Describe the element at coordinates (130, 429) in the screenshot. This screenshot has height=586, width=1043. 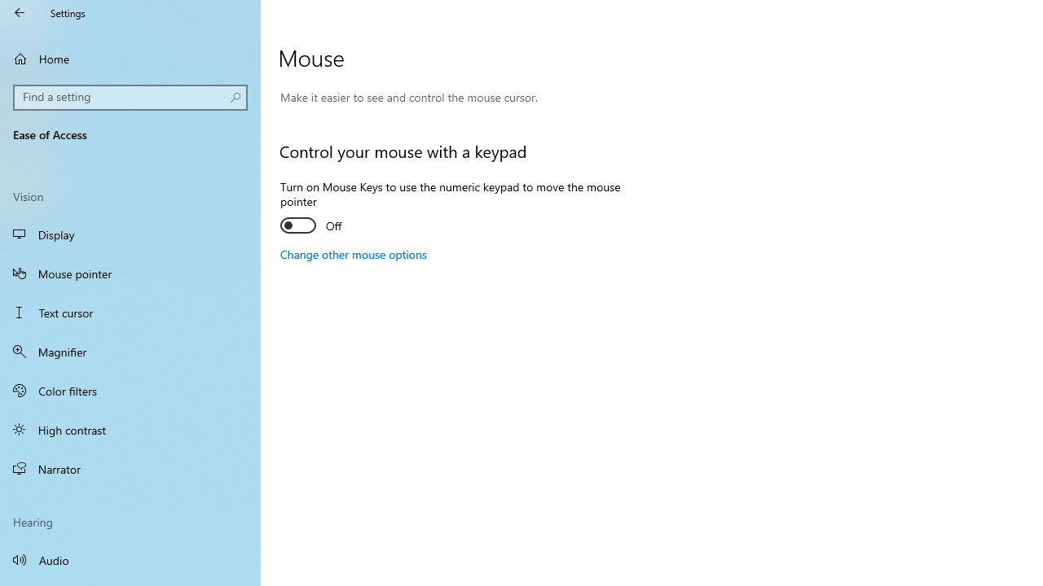
I see `'High contrast'` at that location.